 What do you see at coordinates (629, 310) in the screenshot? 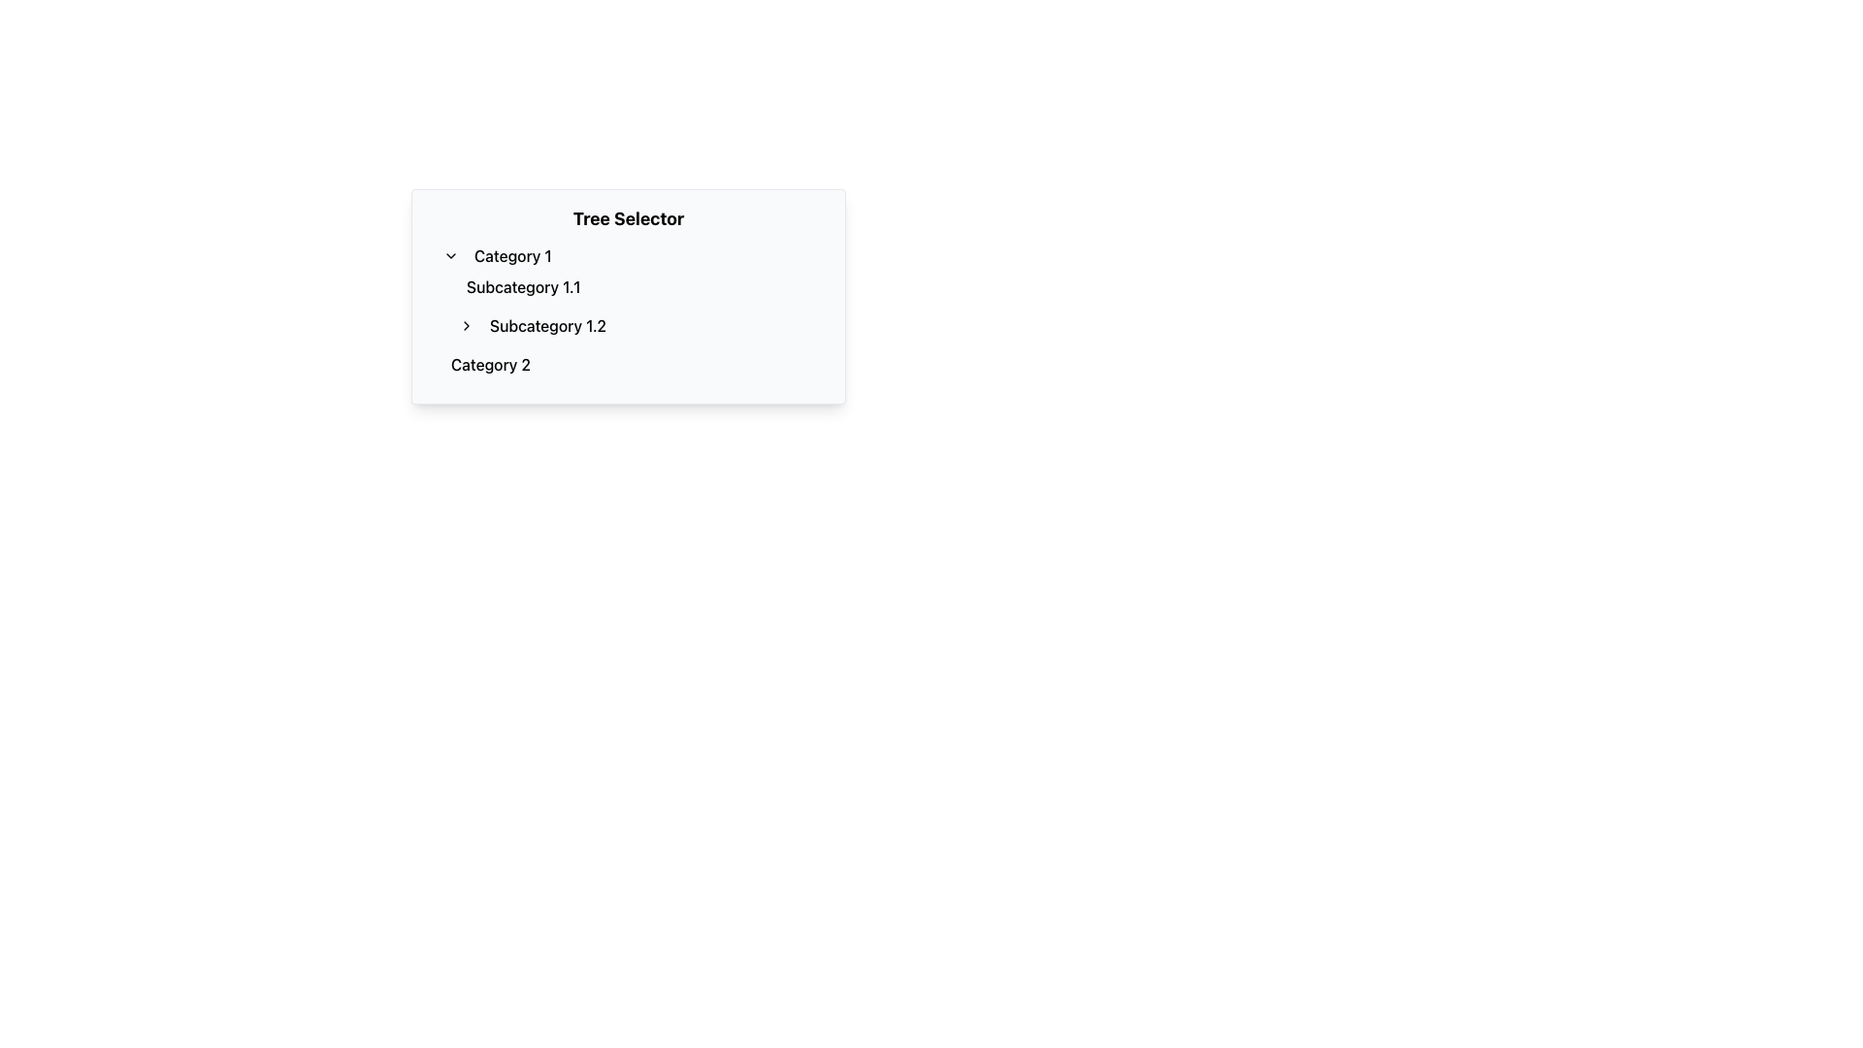
I see `the 'Category 1' or 'Subcategory 1.1' or 'Subcategory 1.2' from the Nested List displayed within the 'Tree Selector' component by clicking on its center point` at bounding box center [629, 310].